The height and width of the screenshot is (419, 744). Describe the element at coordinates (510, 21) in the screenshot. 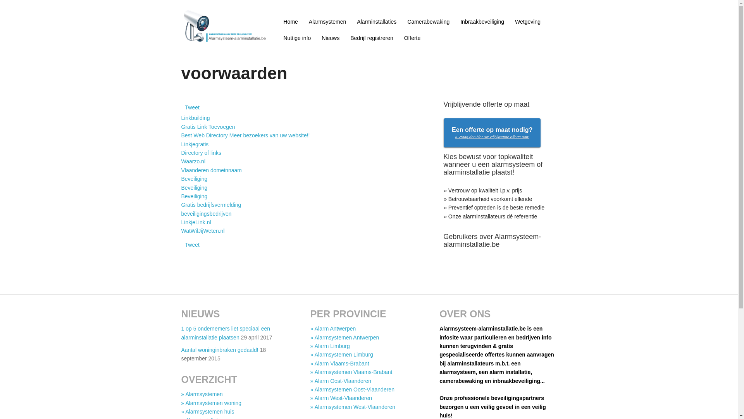

I see `'Wetgeving'` at that location.